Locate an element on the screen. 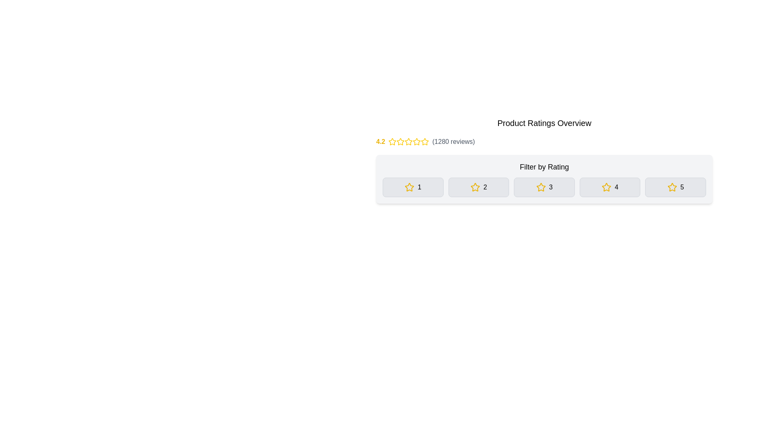  the third star-shaped icon with a yellow outline and transparent center, which serves as a rating indicator in a horizontal sequence of five stars is located at coordinates (409, 141).